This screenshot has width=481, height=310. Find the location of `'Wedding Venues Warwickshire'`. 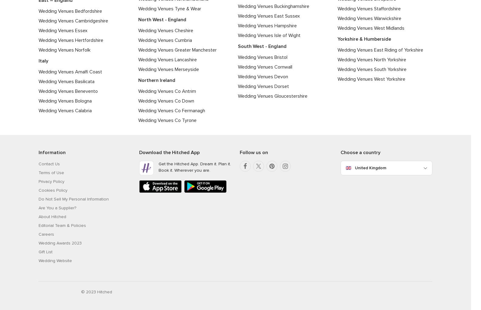

'Wedding Venues Warwickshire' is located at coordinates (337, 18).